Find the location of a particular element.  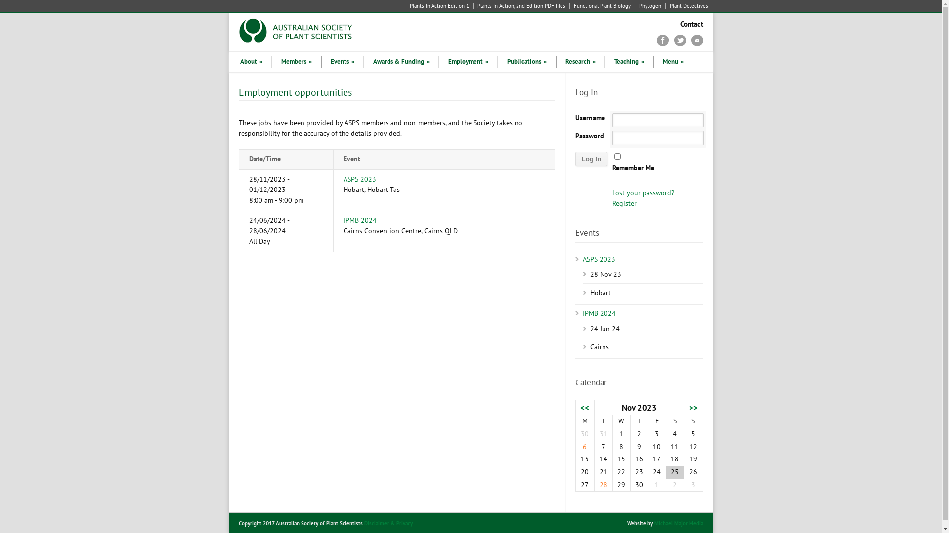

'>>' is located at coordinates (692, 407).